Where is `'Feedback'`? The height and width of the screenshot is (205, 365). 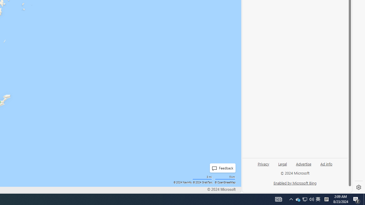
'Feedback' is located at coordinates (222, 168).